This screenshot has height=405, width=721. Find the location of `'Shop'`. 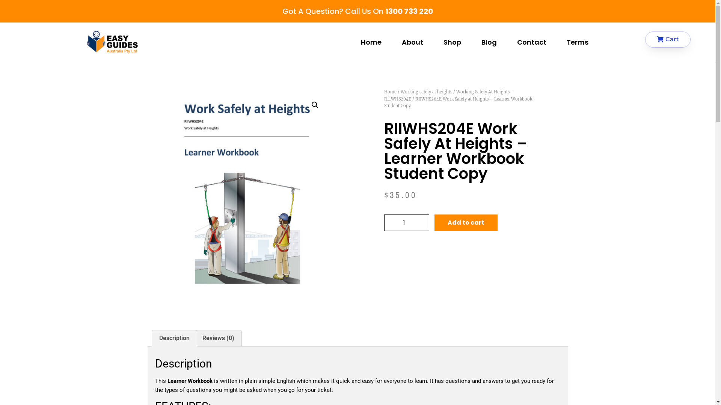

'Shop' is located at coordinates (433, 42).